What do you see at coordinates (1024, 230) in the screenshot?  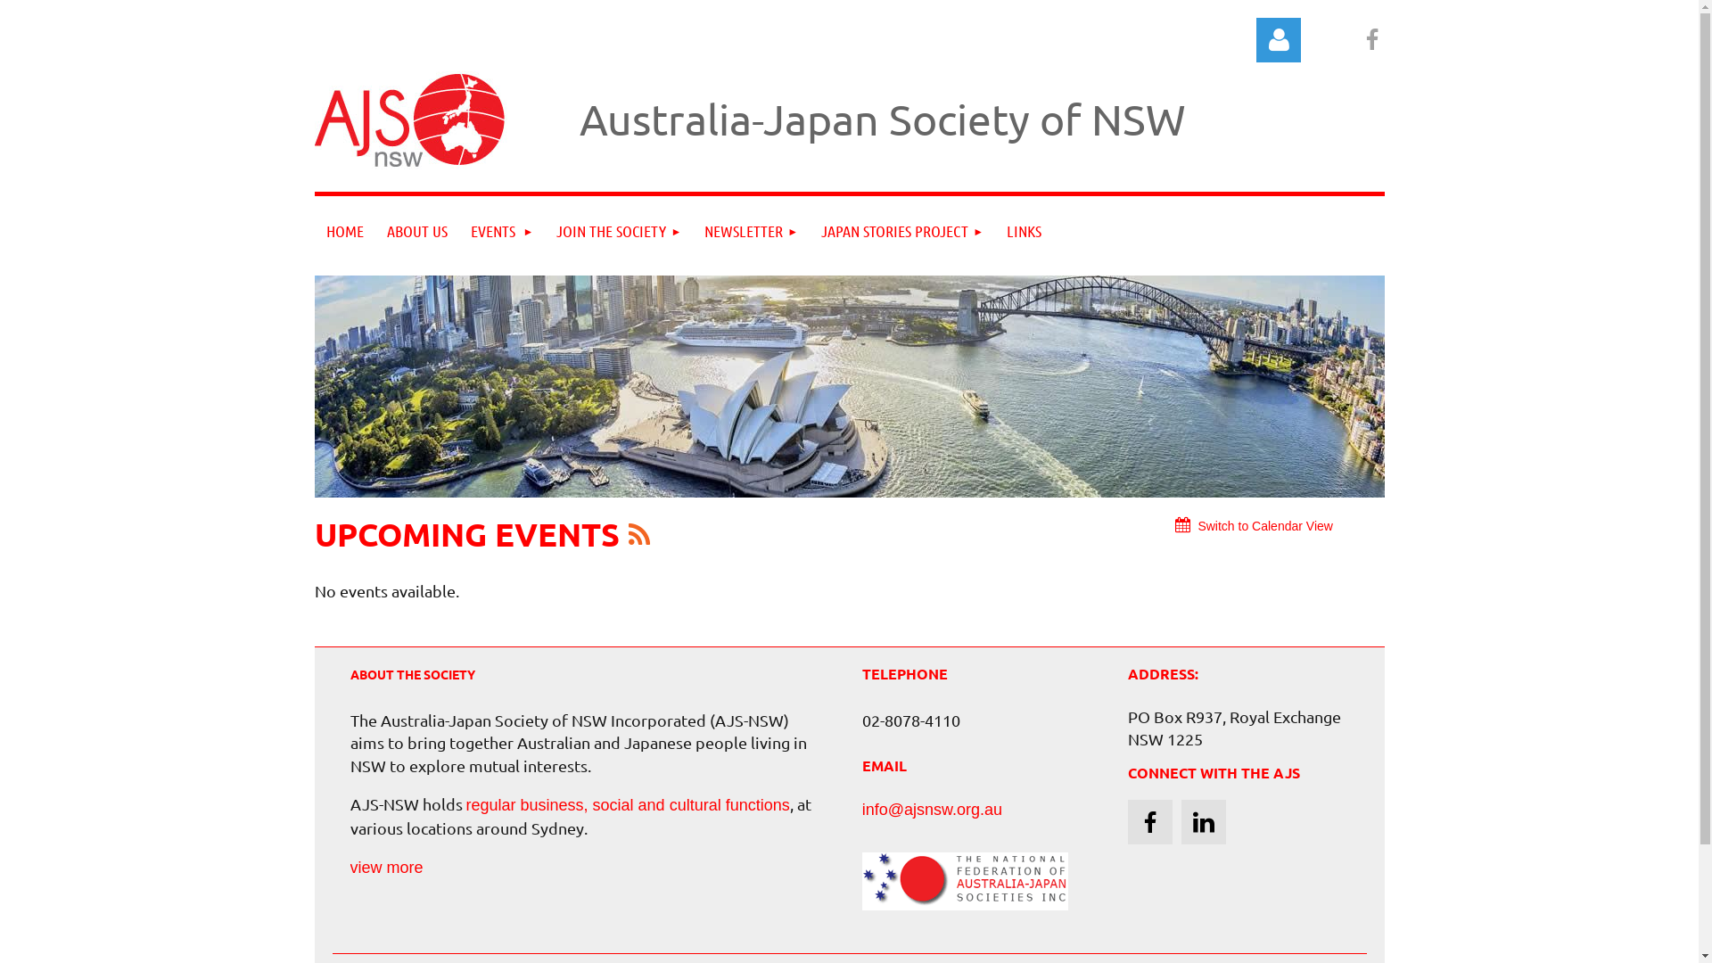 I see `'LINKS'` at bounding box center [1024, 230].